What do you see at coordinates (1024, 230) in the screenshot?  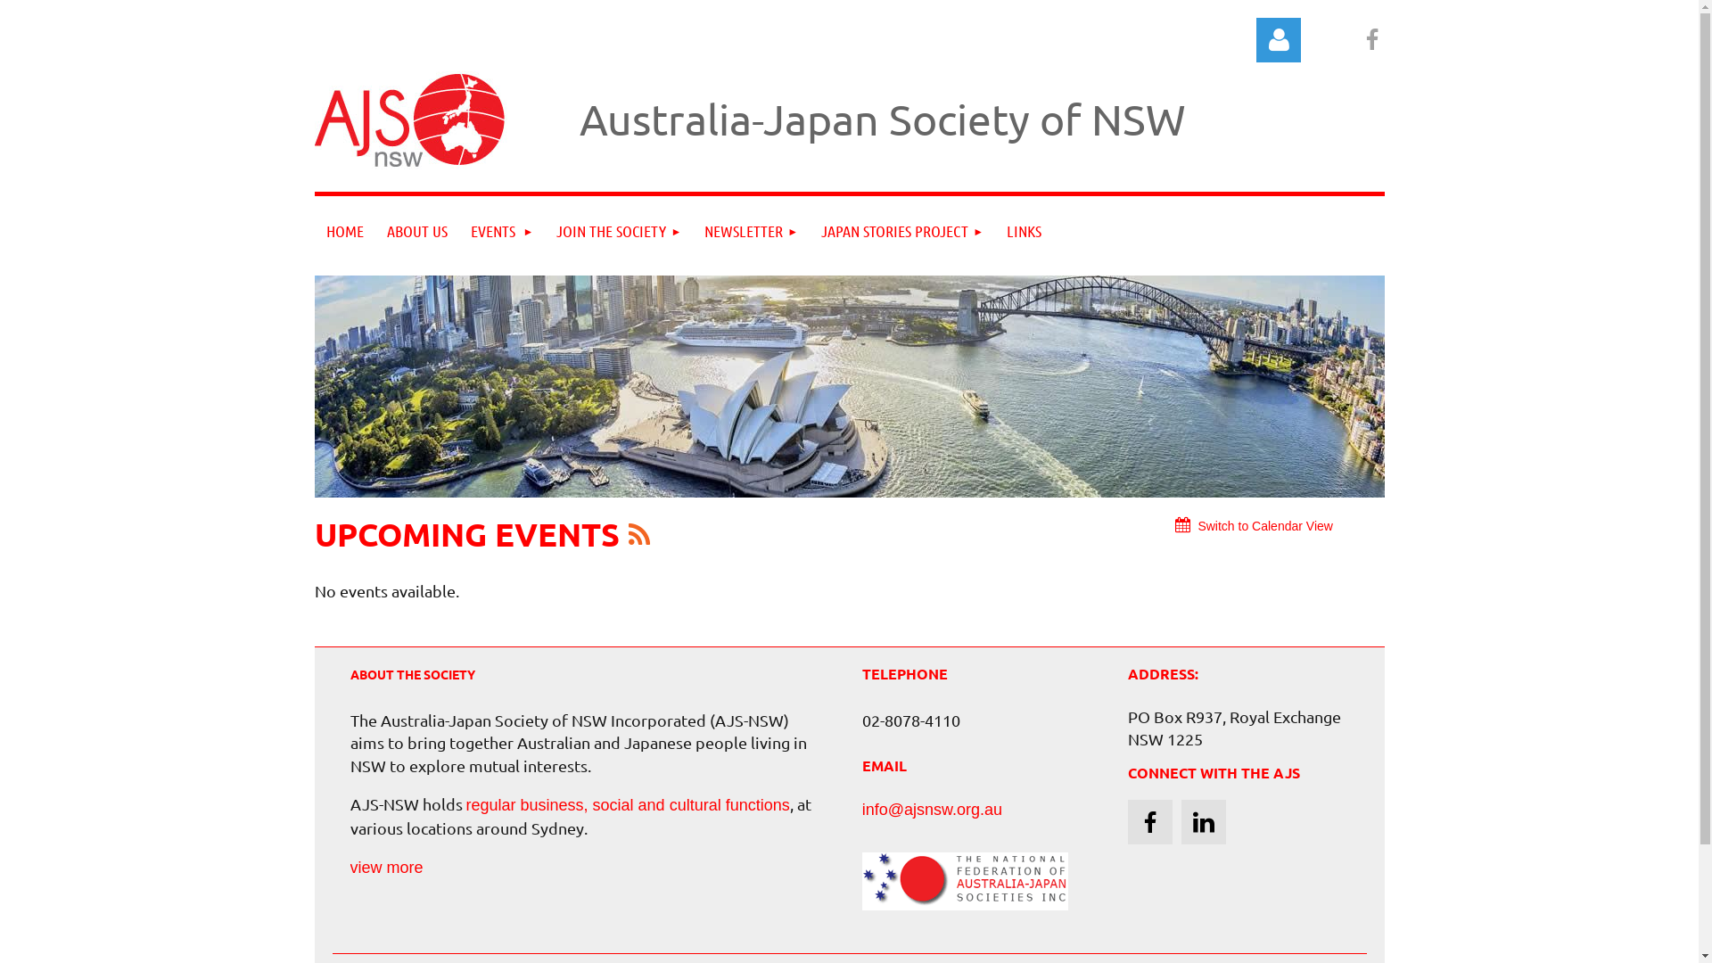 I see `'LINKS'` at bounding box center [1024, 230].